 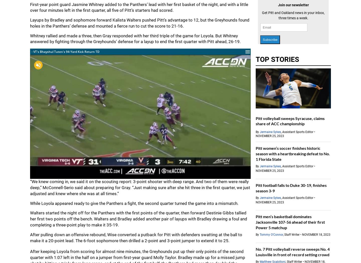 What do you see at coordinates (136, 237) in the screenshot?
I see `'After pulling down an offensive rebound, Wise converted a putback for Pitt with defenders swatting at the ball to make it a 20-point lead. The 6-foot sophomore then drilled a 2-point and 3-point jumper to extend it to 25.'` at bounding box center [136, 237].